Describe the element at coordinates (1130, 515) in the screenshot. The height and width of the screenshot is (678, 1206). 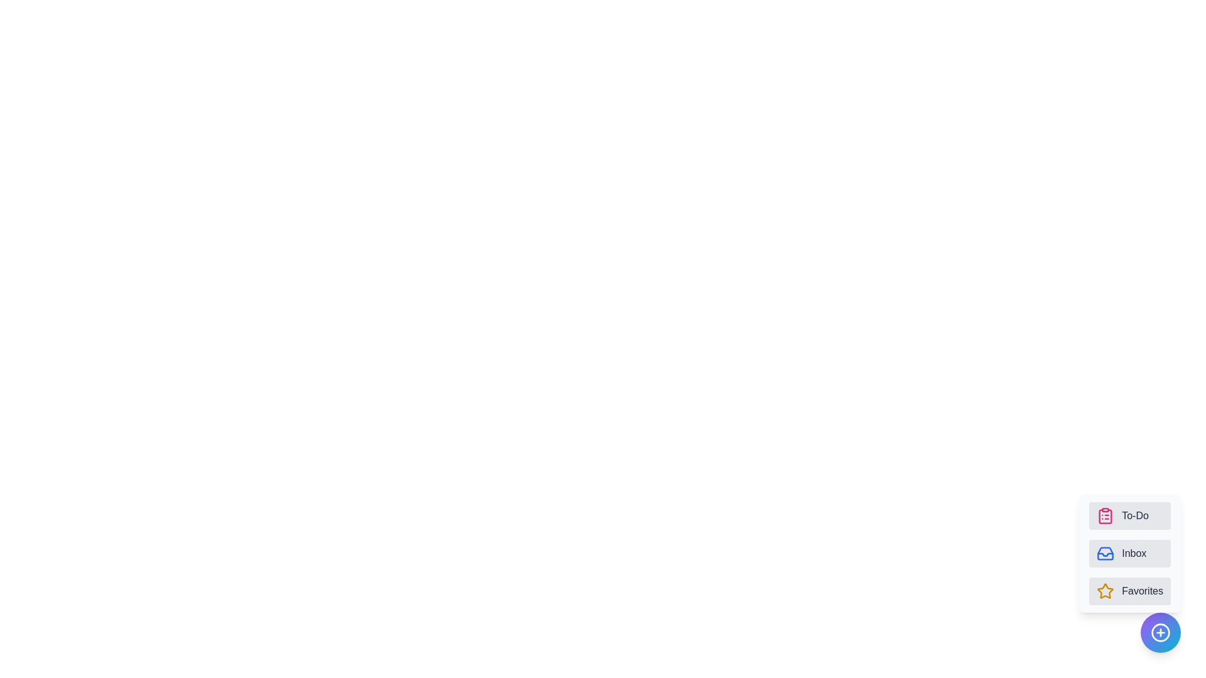
I see `the 'To-Do' button to select the category` at that location.